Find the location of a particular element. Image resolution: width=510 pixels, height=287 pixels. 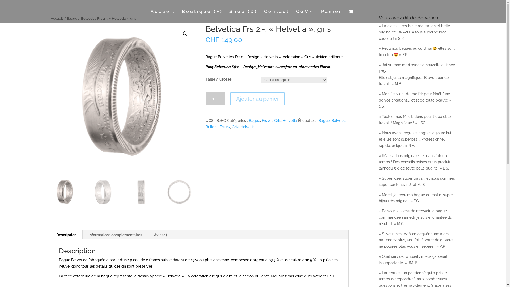

'Description' is located at coordinates (66, 234).